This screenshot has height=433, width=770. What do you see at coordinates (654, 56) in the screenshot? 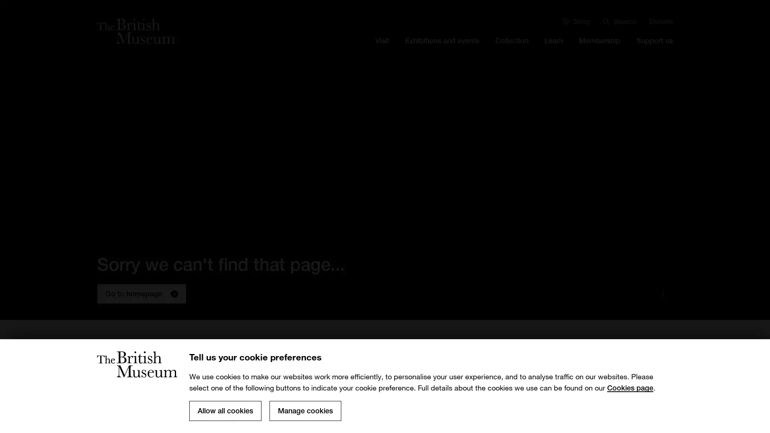
I see `Toggle Support us submenu` at bounding box center [654, 56].